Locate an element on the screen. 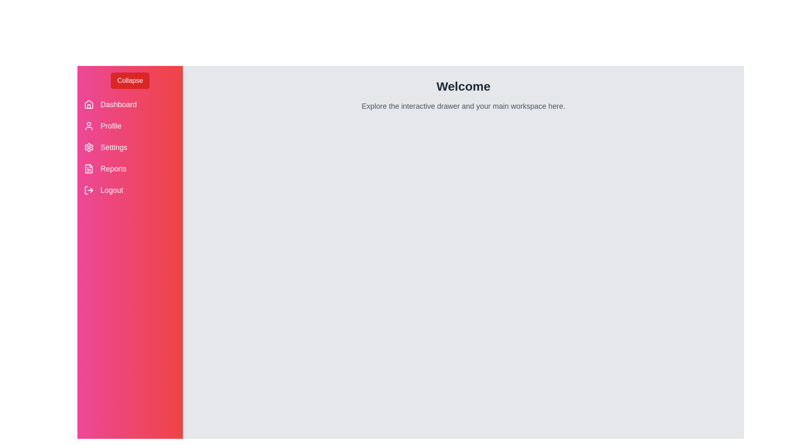 Image resolution: width=791 pixels, height=445 pixels. the 'Profile' menu item to navigate to the profile is located at coordinates (130, 126).